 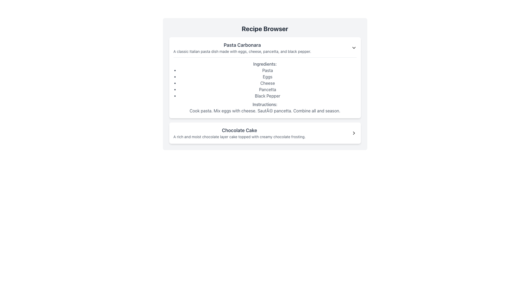 What do you see at coordinates (354, 48) in the screenshot?
I see `the downwards-pointing chevron icon located at the far right of the 'Pasta Carbonara' recipe card header` at bounding box center [354, 48].